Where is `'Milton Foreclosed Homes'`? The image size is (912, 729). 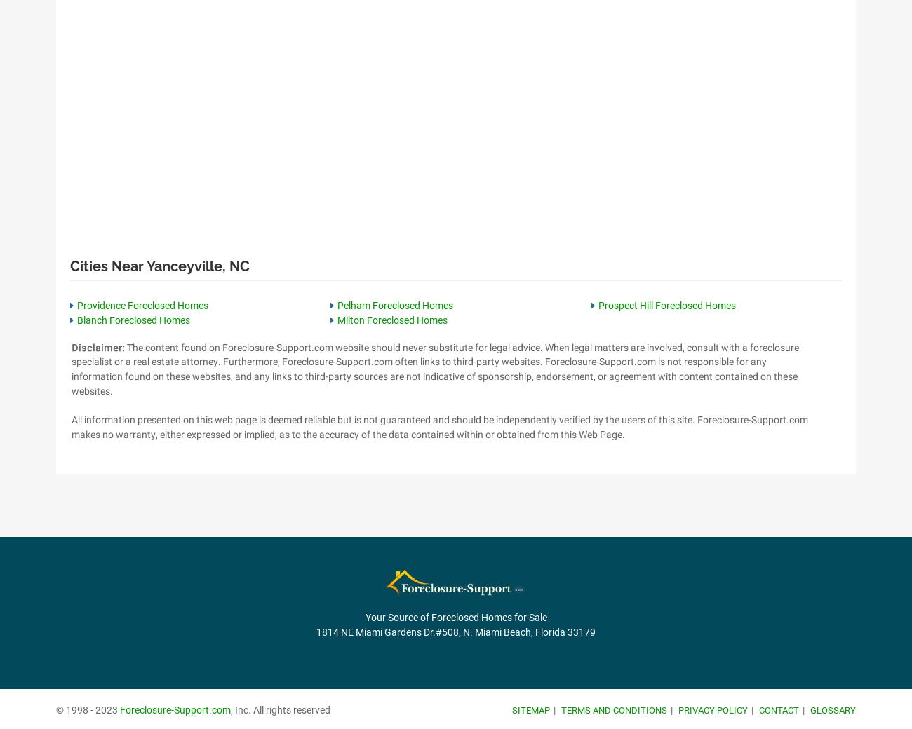 'Milton Foreclosed Homes' is located at coordinates (391, 320).